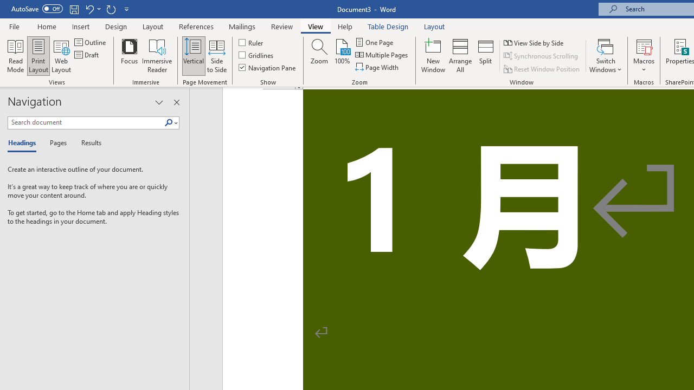 This screenshot has height=390, width=694. Describe the element at coordinates (345, 26) in the screenshot. I see `'Help'` at that location.